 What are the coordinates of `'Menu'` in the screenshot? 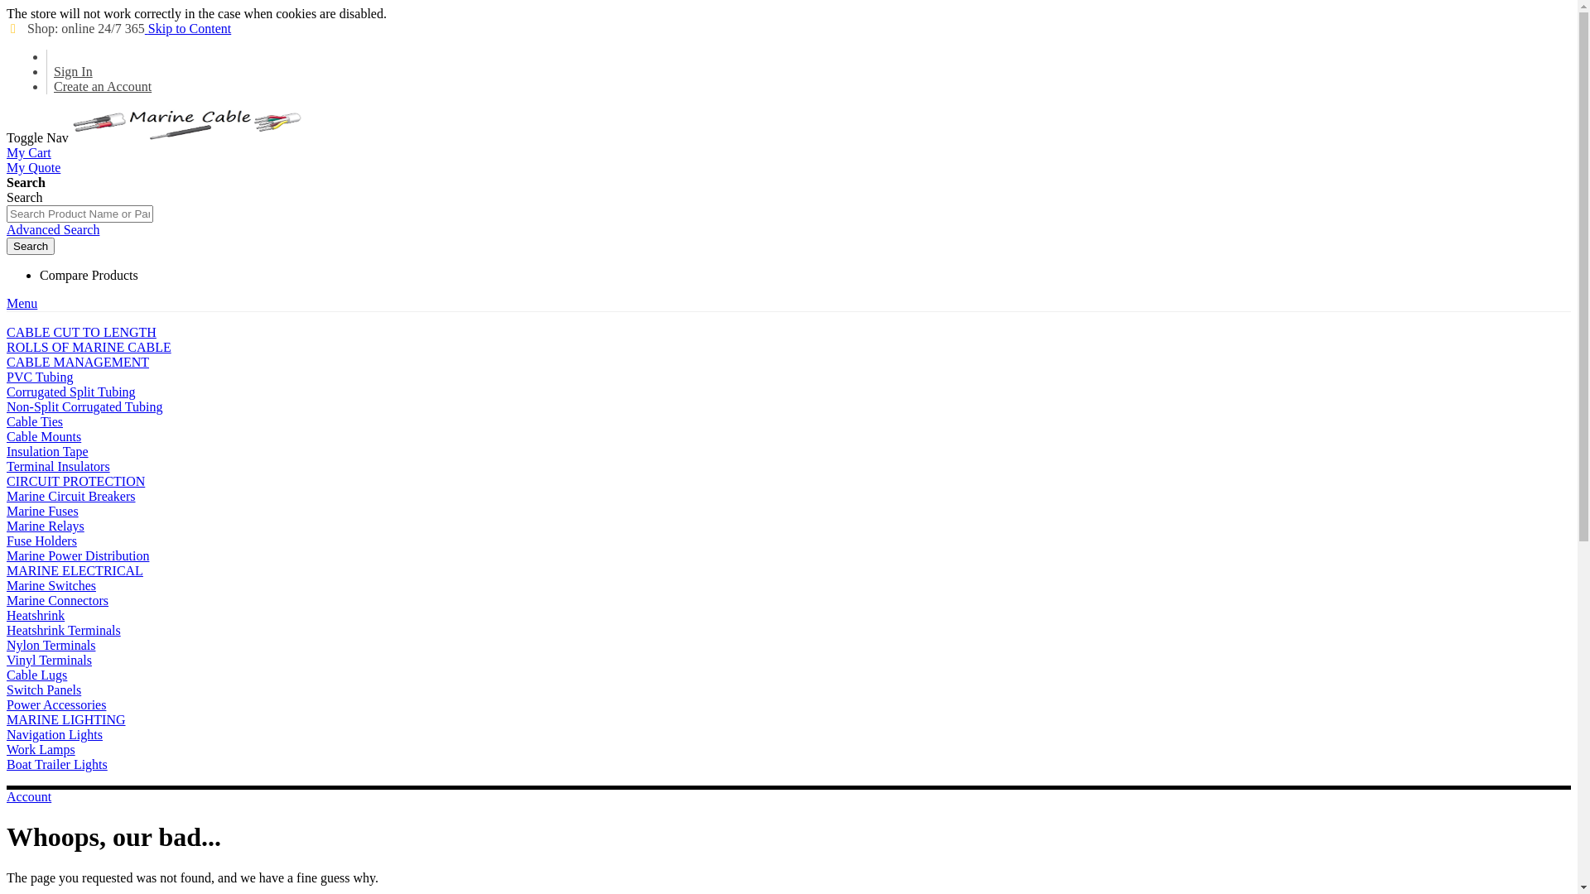 It's located at (22, 303).